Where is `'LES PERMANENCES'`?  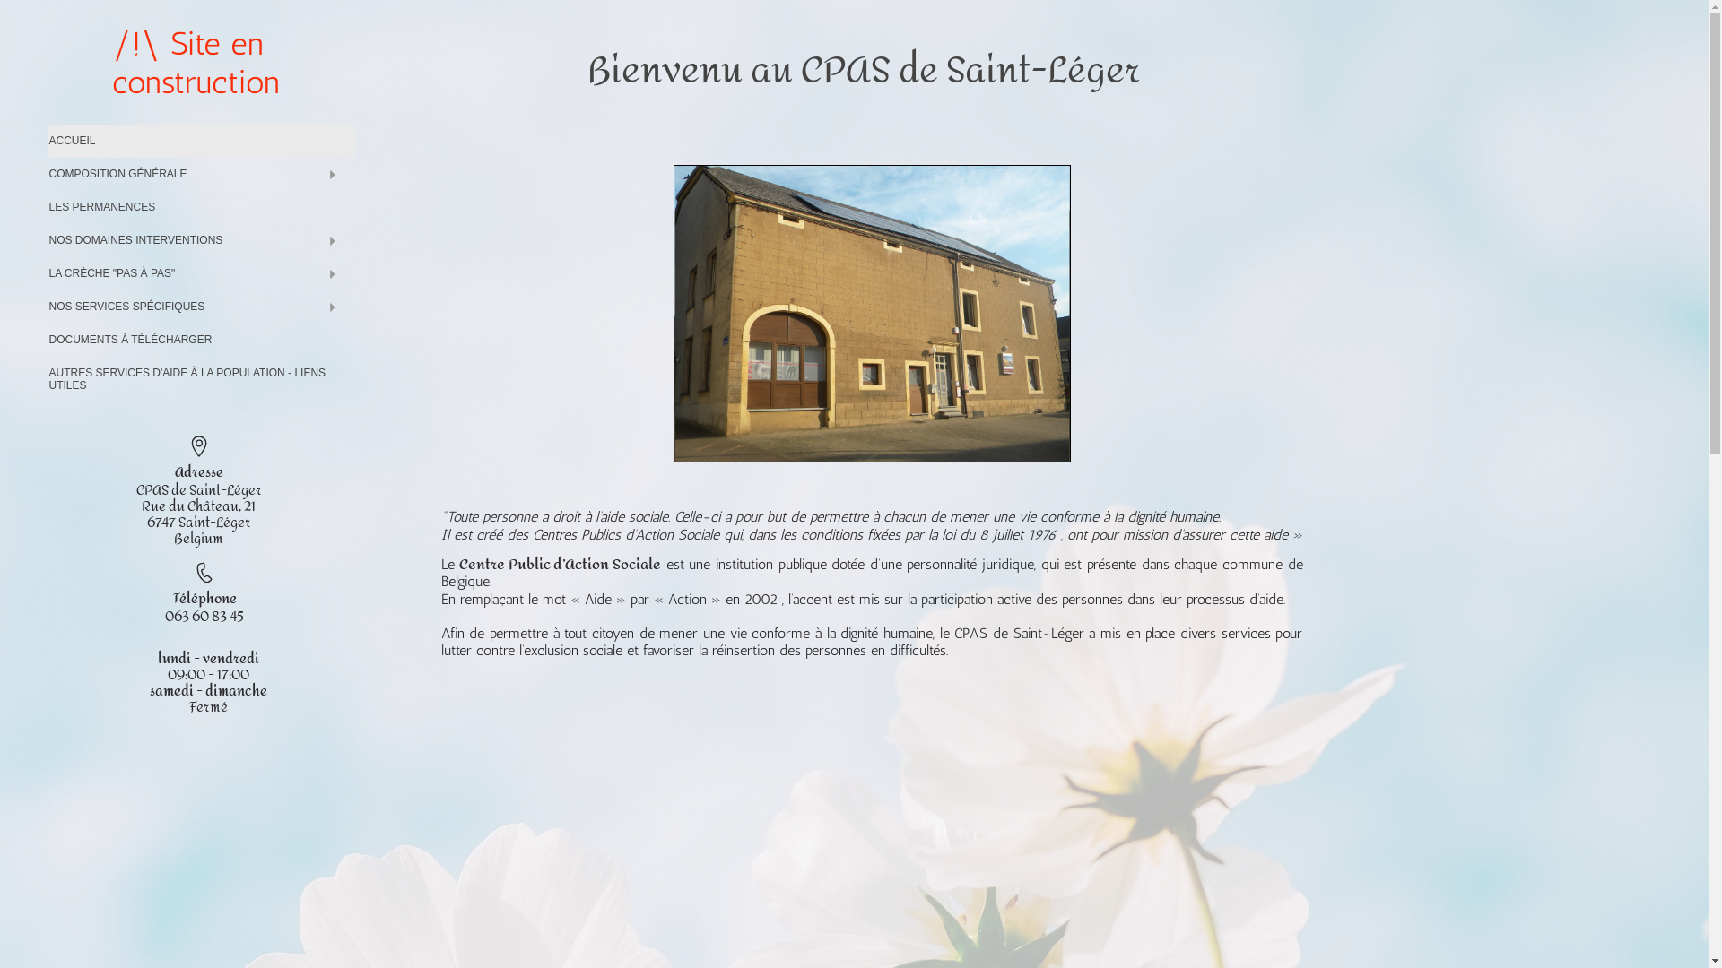
'LES PERMANENCES' is located at coordinates (200, 206).